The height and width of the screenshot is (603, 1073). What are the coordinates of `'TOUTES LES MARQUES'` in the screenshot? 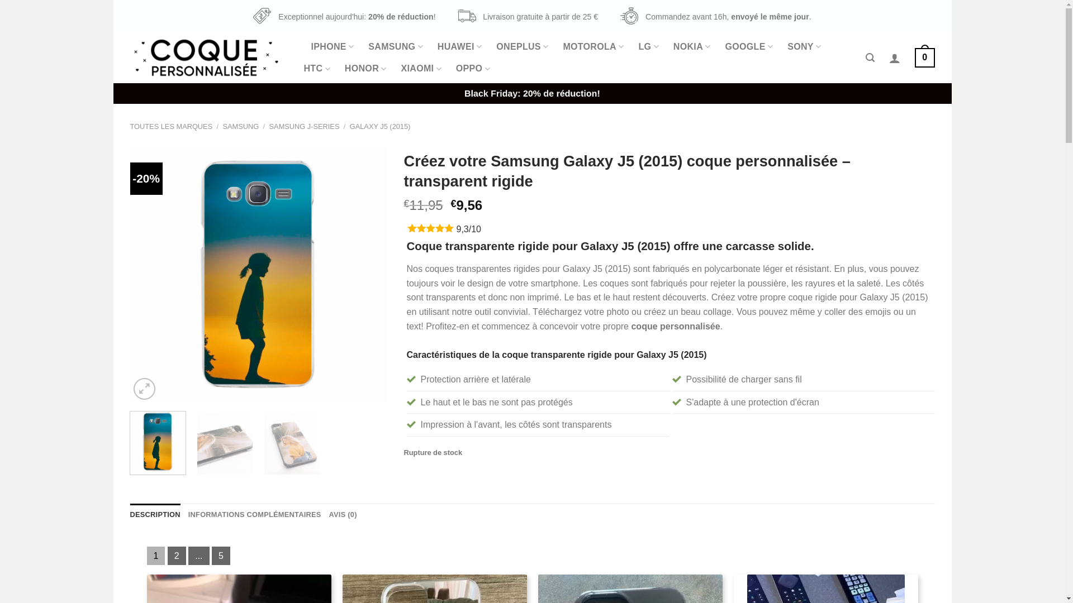 It's located at (129, 126).